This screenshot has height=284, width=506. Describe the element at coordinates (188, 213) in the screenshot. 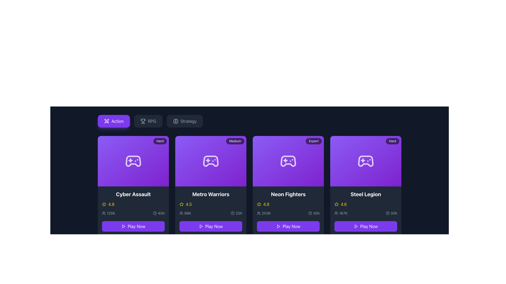

I see `the static text displaying '98K' located in the lower half of the 'Metro Warriors' card` at that location.